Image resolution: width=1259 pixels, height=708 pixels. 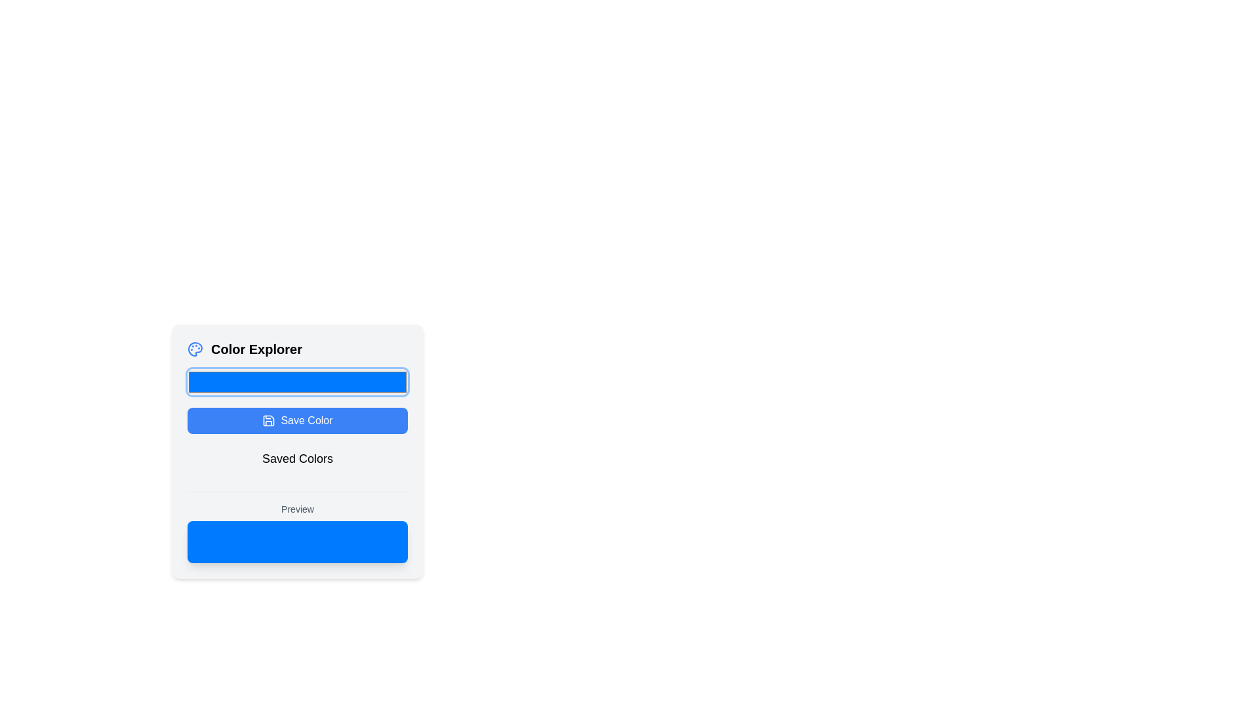 What do you see at coordinates (297, 382) in the screenshot?
I see `the Color Picker located just below the 'Color Explorer' section` at bounding box center [297, 382].